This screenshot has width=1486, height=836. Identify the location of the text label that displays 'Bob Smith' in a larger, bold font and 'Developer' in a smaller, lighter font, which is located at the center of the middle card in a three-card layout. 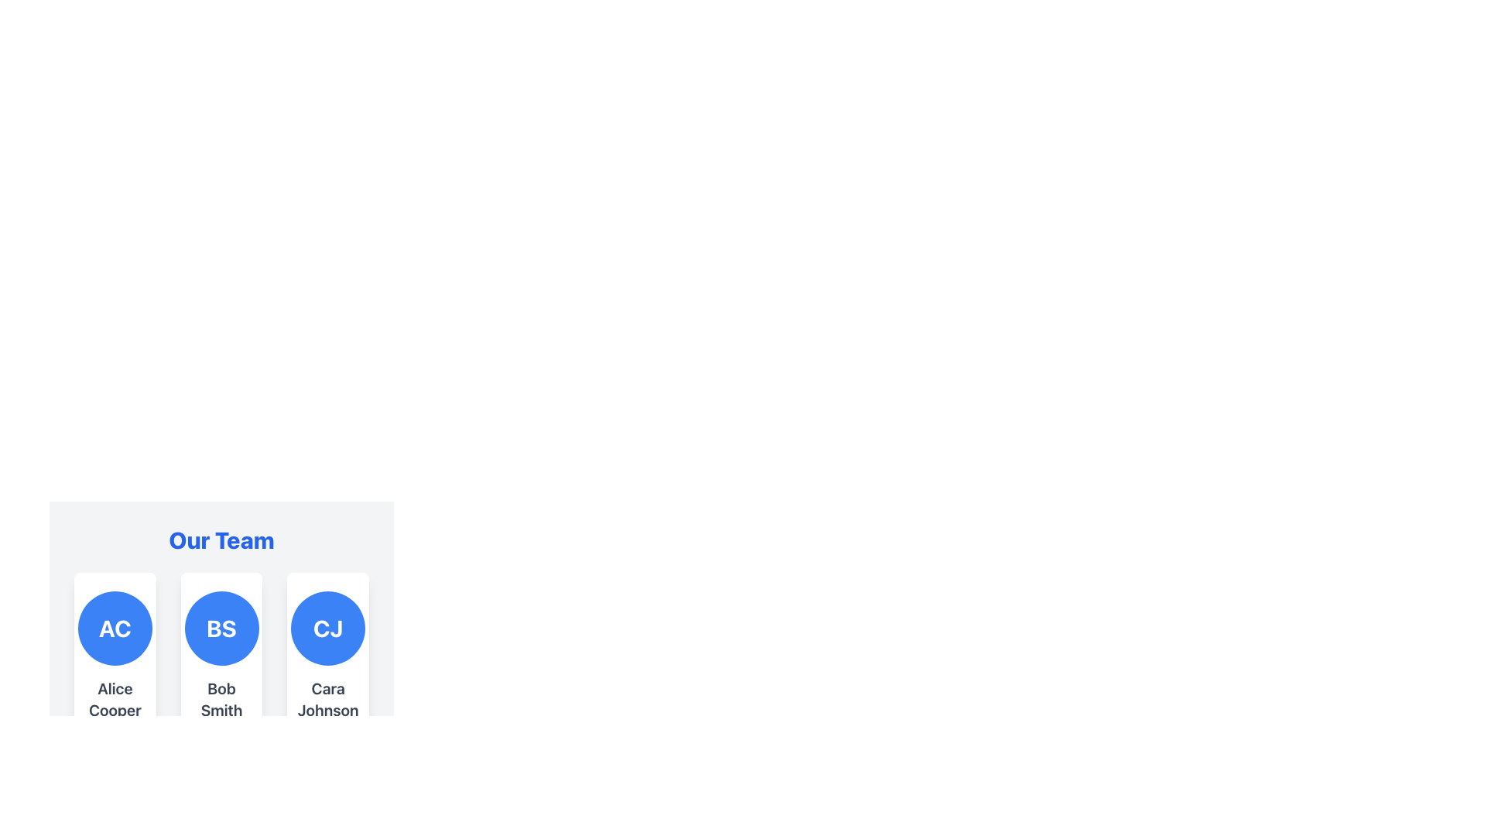
(221, 708).